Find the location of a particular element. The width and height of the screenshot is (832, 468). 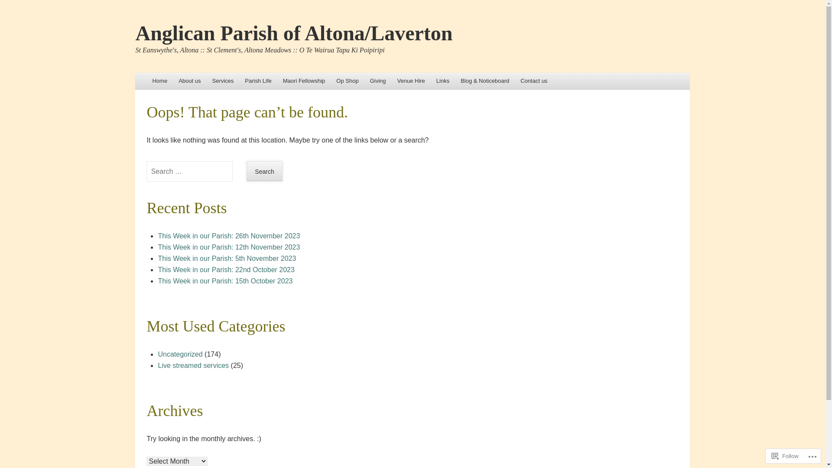

'Links' is located at coordinates (443, 81).